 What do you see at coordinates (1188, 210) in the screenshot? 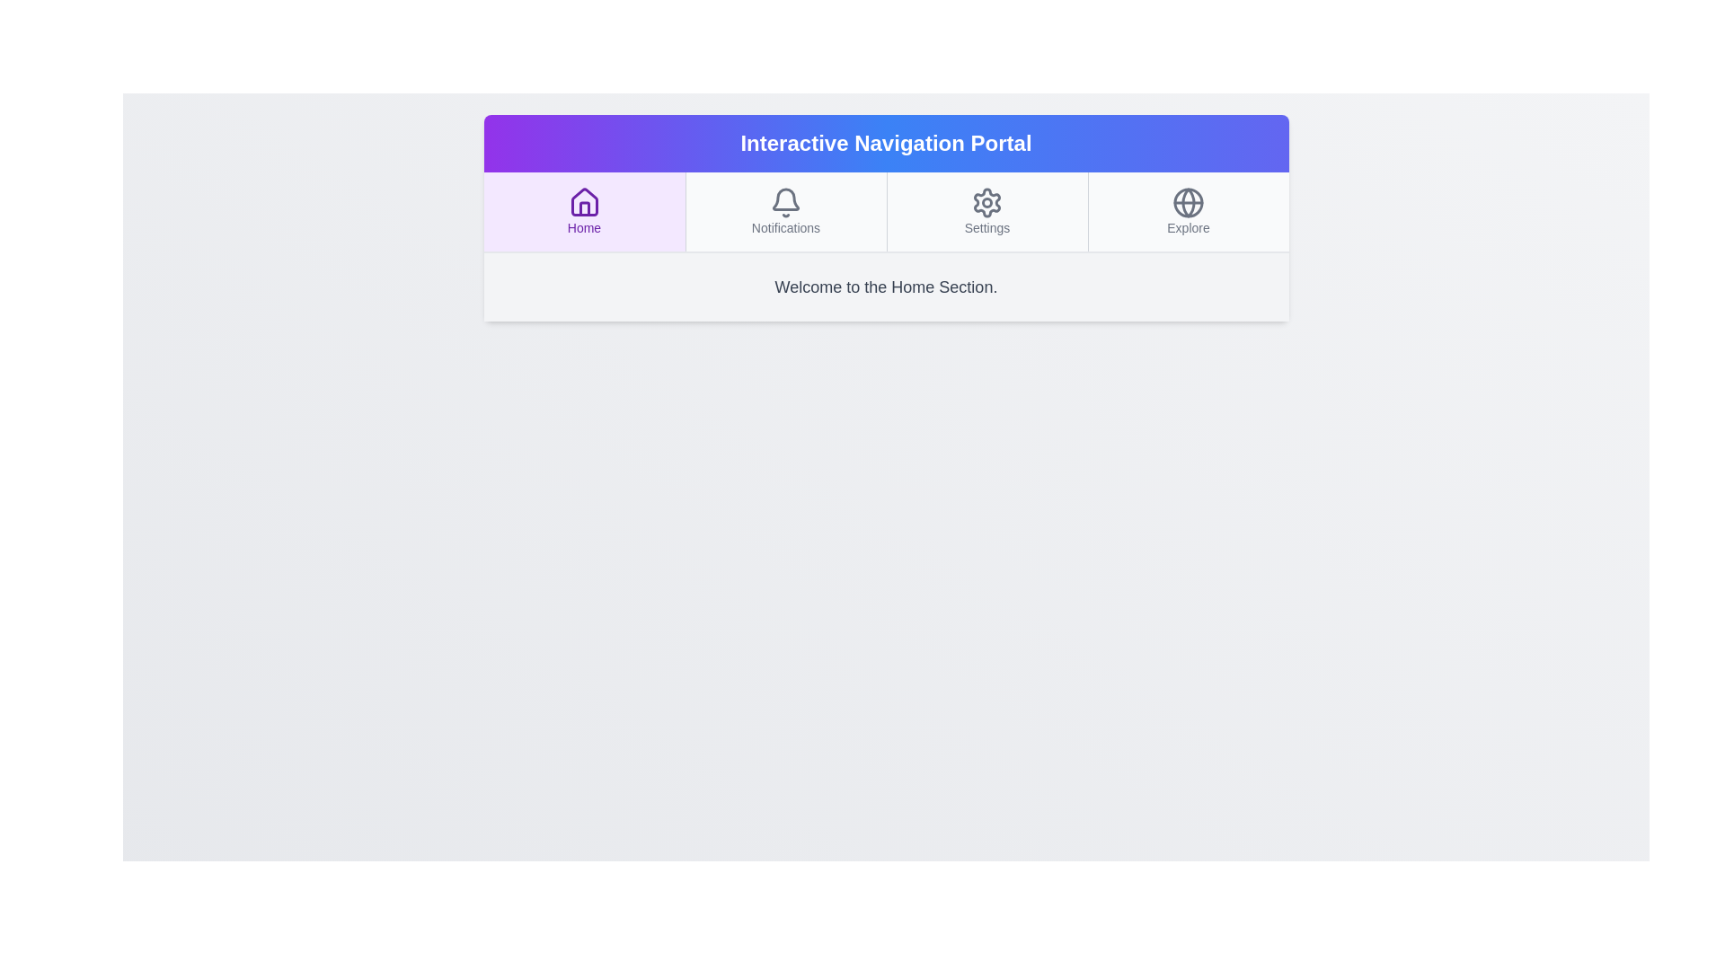
I see `the 'Explore' navigation button located in the fourth column of the navigation bar` at bounding box center [1188, 210].